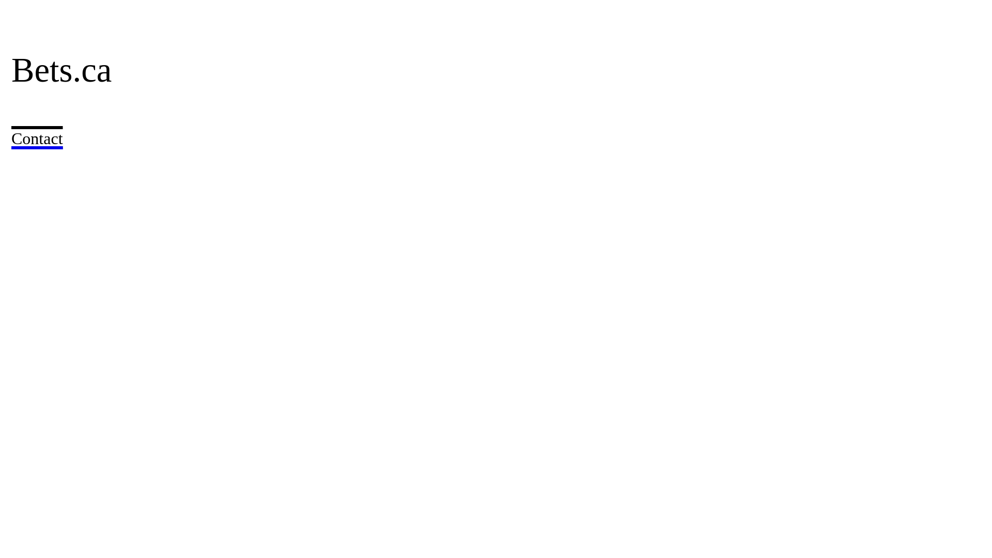 The height and width of the screenshot is (558, 992). Describe the element at coordinates (37, 132) in the screenshot. I see `'Contact'` at that location.